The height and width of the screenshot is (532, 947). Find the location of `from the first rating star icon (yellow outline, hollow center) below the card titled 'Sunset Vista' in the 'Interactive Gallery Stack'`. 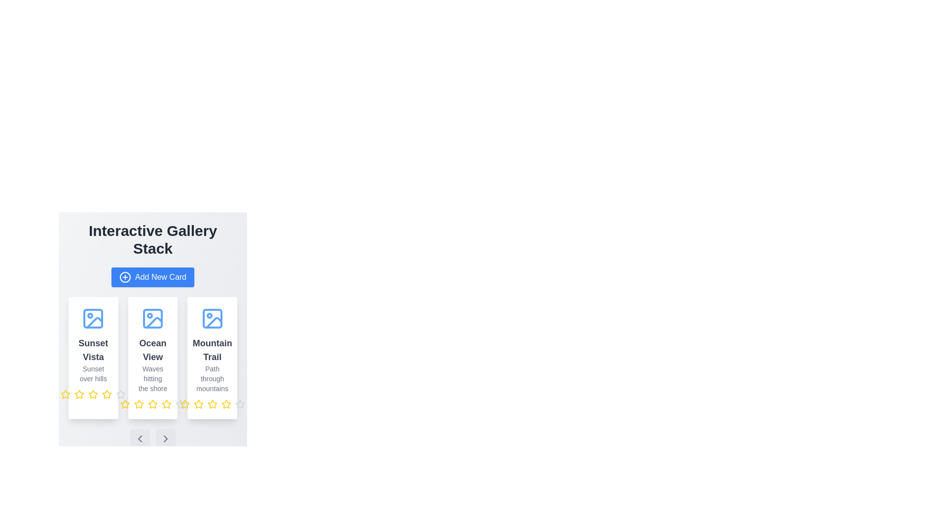

from the first rating star icon (yellow outline, hollow center) below the card titled 'Sunset Vista' in the 'Interactive Gallery Stack' is located at coordinates (65, 394).